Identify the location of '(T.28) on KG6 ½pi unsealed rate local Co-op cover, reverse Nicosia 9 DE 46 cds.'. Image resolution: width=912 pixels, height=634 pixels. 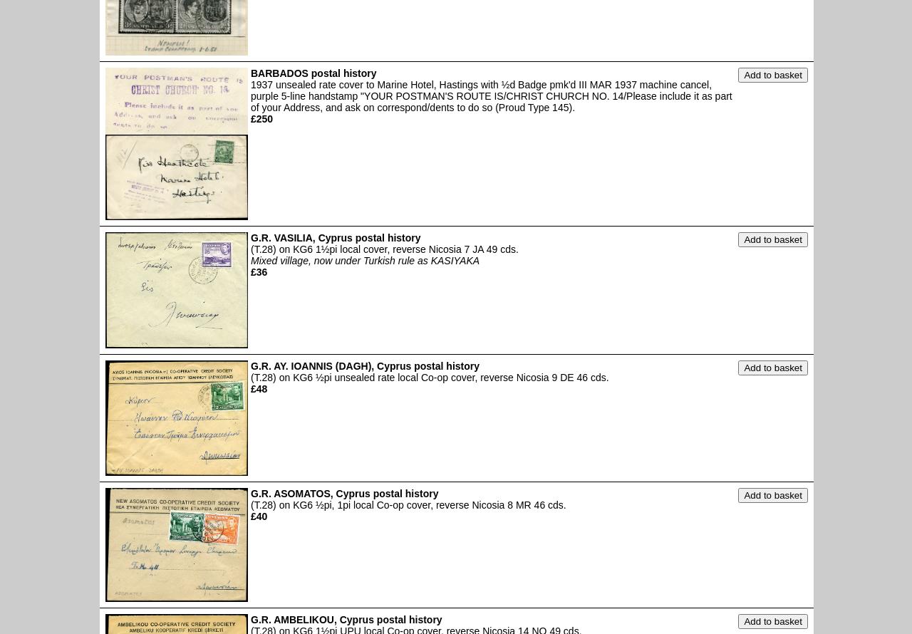
(429, 376).